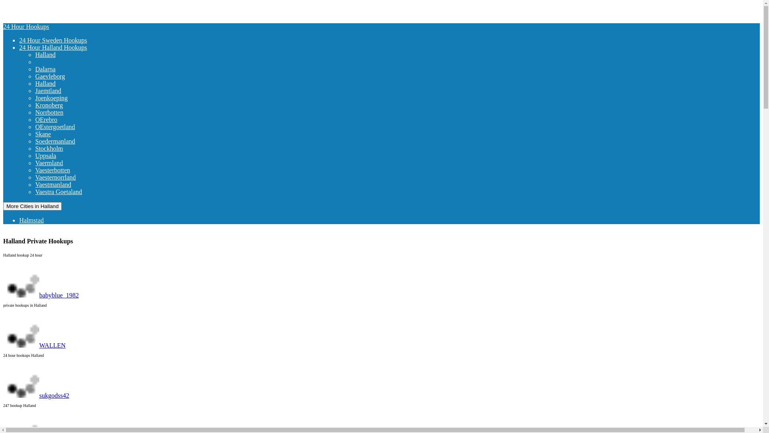 This screenshot has height=433, width=769. What do you see at coordinates (62, 148) in the screenshot?
I see `'Stockholm'` at bounding box center [62, 148].